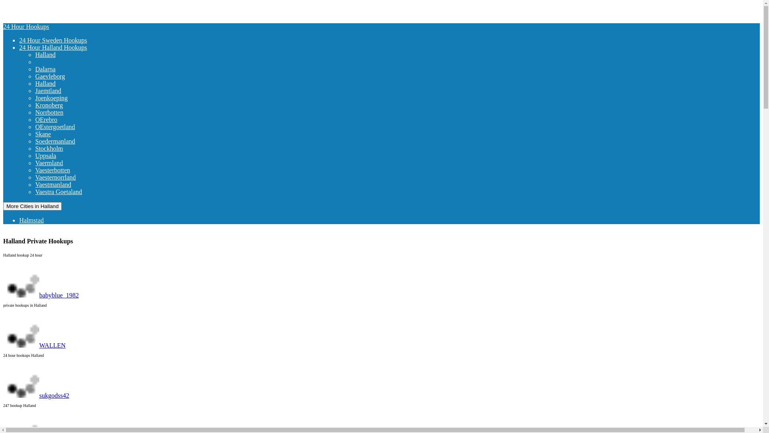 This screenshot has height=433, width=769. What do you see at coordinates (62, 148) in the screenshot?
I see `'Stockholm'` at bounding box center [62, 148].